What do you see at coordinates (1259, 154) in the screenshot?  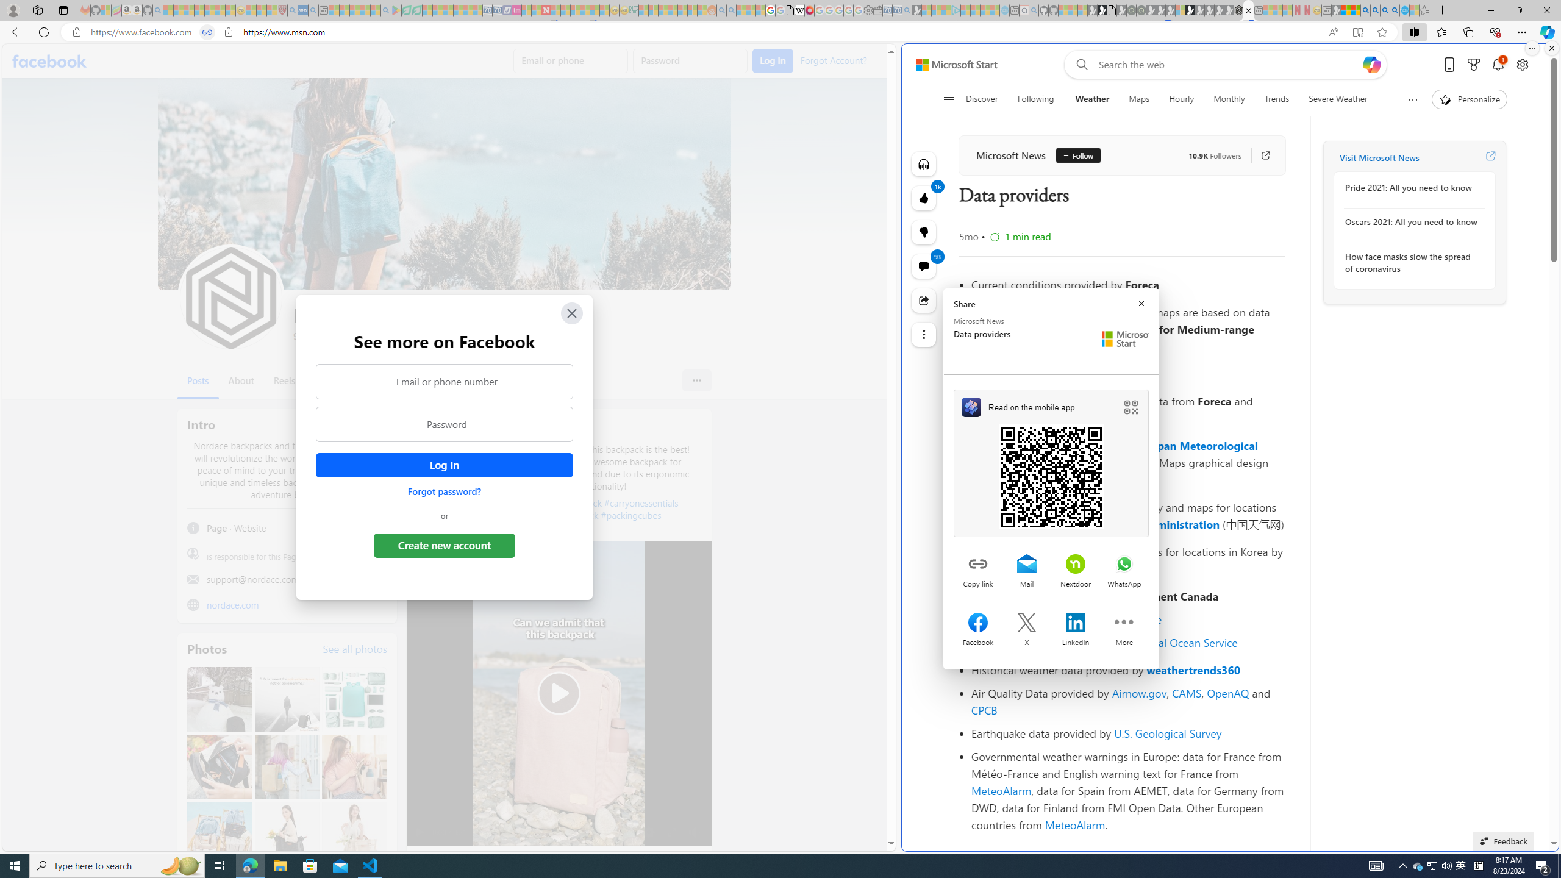 I see `'Go to publisher'` at bounding box center [1259, 154].